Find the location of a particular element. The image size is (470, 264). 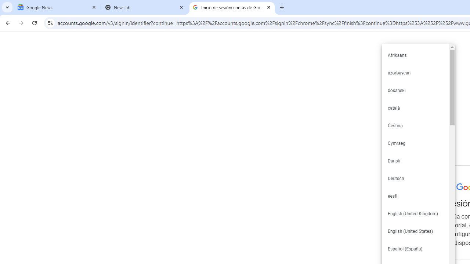

'Afrikaans' is located at coordinates (415, 55).